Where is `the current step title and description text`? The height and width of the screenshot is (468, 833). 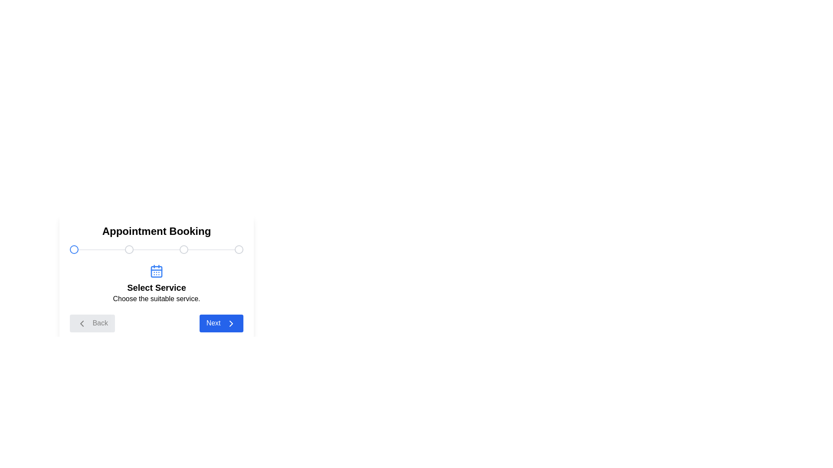
the current step title and description text is located at coordinates (156, 287).